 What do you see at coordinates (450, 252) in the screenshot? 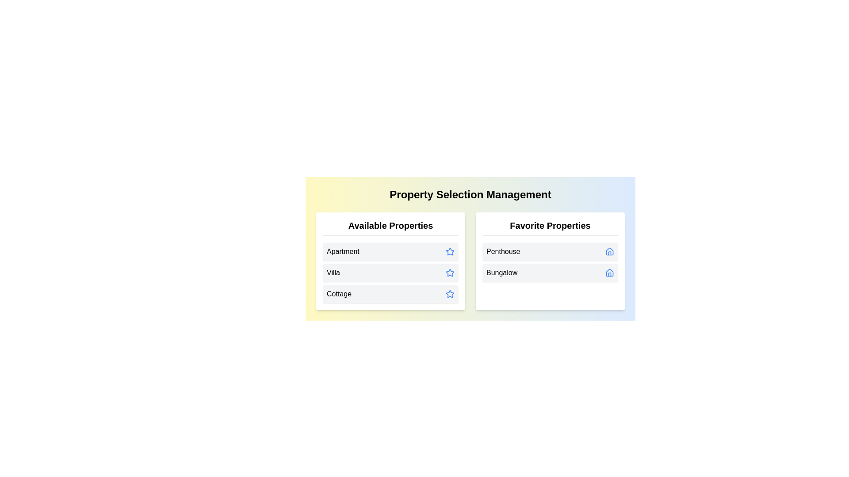
I see `star icon next to the property Apartment in the 'Available Properties' list to transfer it to 'Favorite Properties'` at bounding box center [450, 252].